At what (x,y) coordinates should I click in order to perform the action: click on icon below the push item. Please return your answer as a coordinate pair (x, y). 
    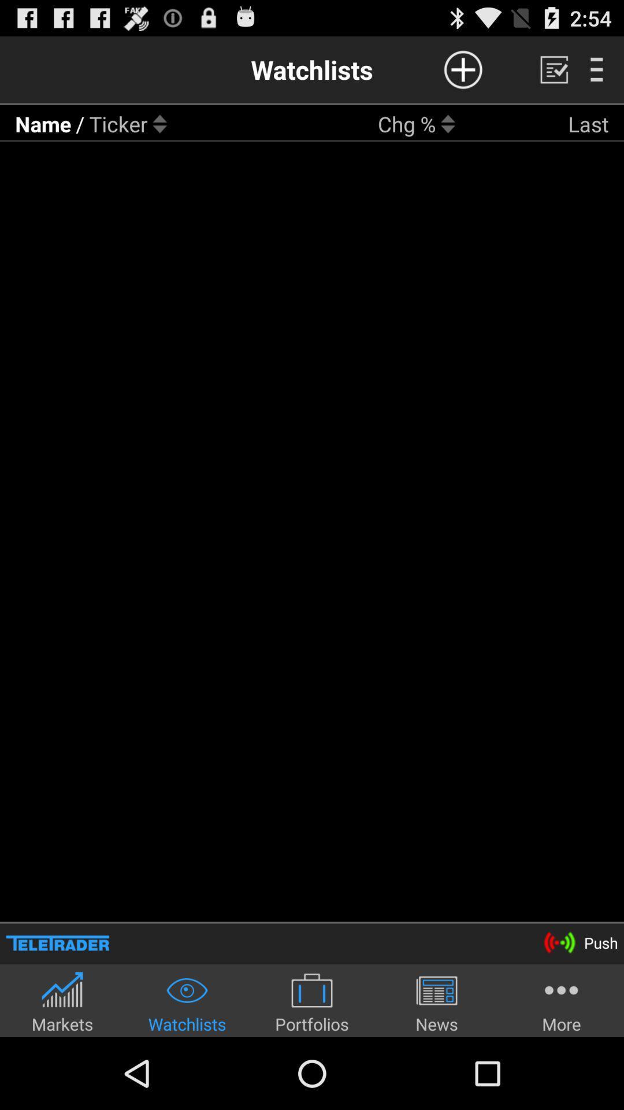
    Looking at the image, I should click on (561, 1001).